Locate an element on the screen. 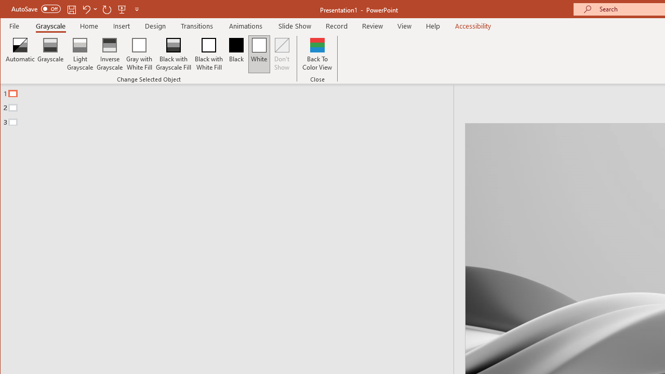 The width and height of the screenshot is (665, 374). 'AutoSave' is located at coordinates (36, 9).